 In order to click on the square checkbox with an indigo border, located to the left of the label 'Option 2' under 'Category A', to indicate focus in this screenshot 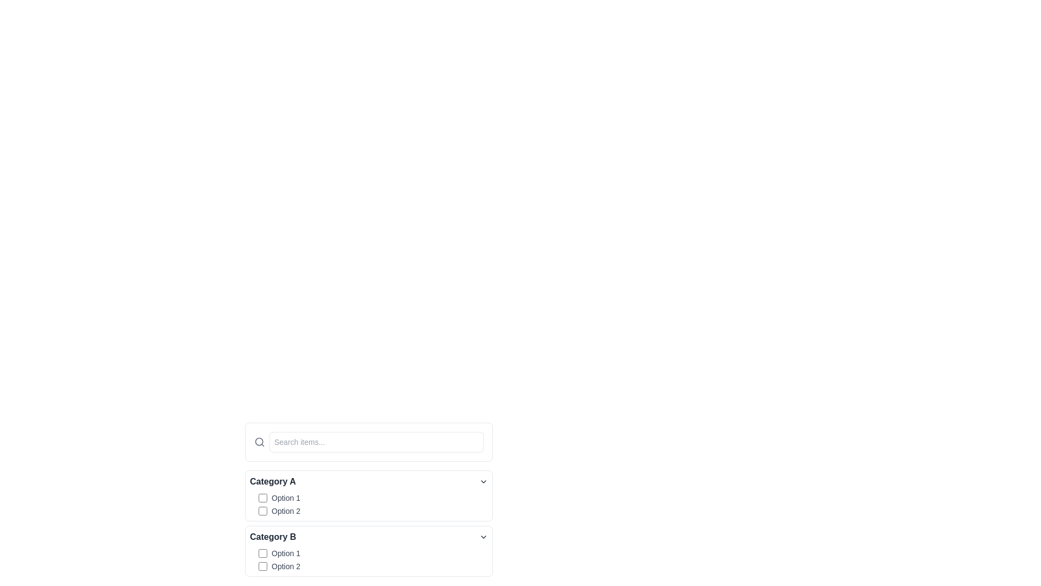, I will do `click(262, 511)`.